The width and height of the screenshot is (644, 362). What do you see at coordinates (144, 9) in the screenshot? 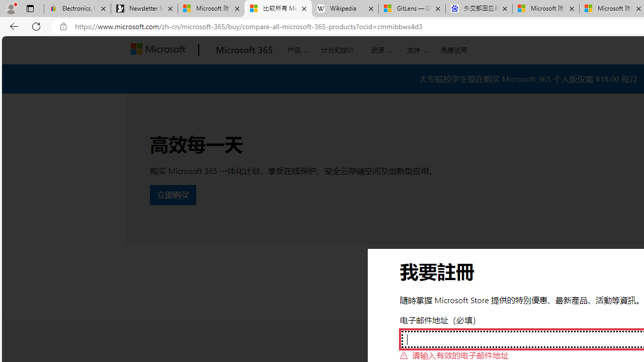
I see `'Newsletter Sign Up'` at bounding box center [144, 9].